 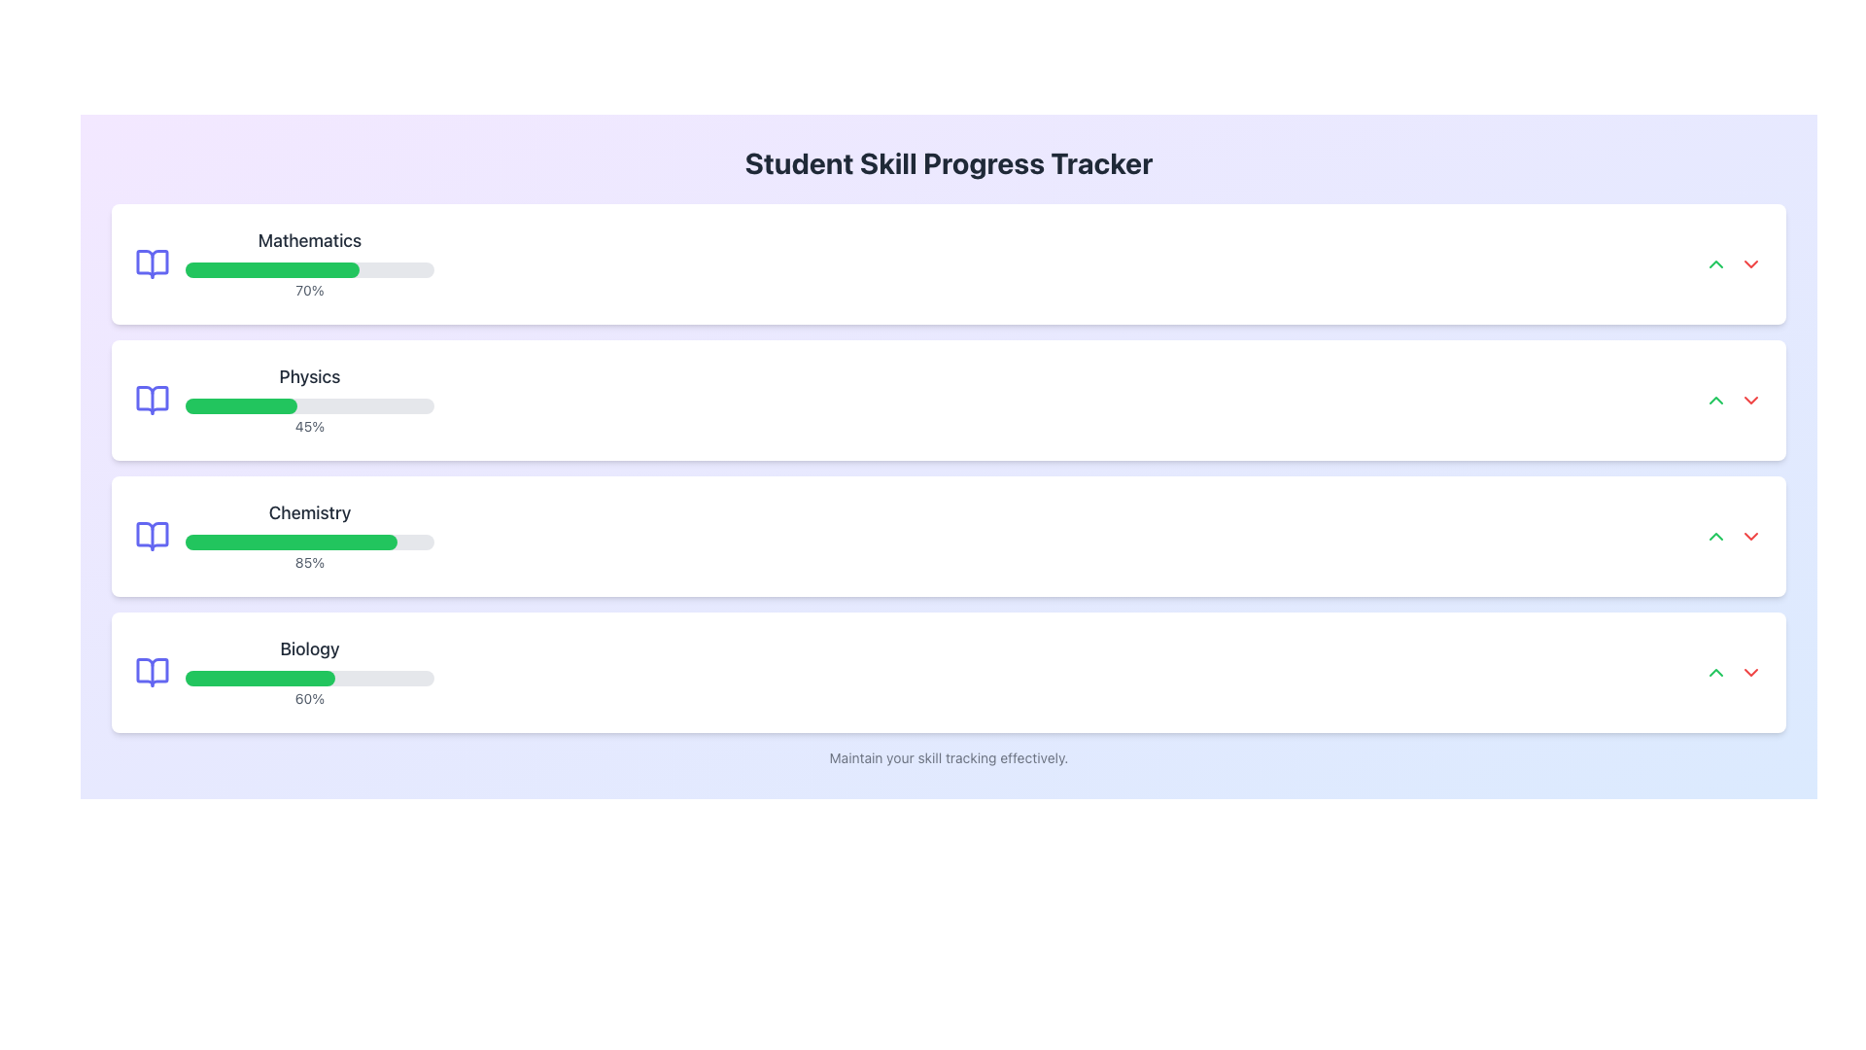 What do you see at coordinates (308, 696) in the screenshot?
I see `percentage value displayed as '60%' in gray font, located below the green progress bar in the 'Biology' section` at bounding box center [308, 696].